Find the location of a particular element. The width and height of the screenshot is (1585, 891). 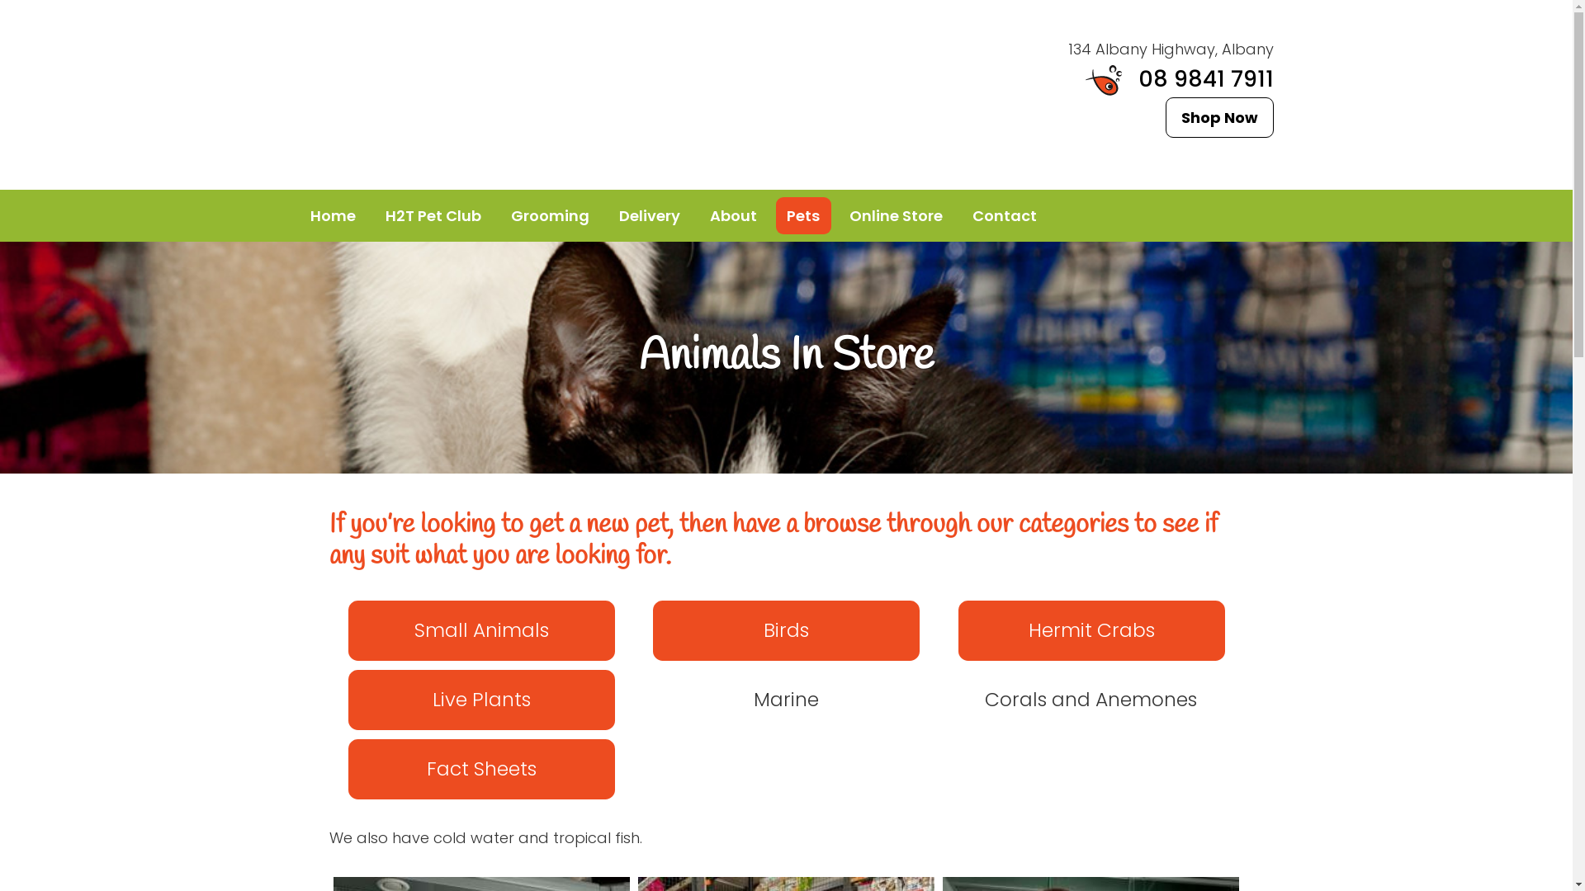

'Hermit Crabs' is located at coordinates (1091, 630).